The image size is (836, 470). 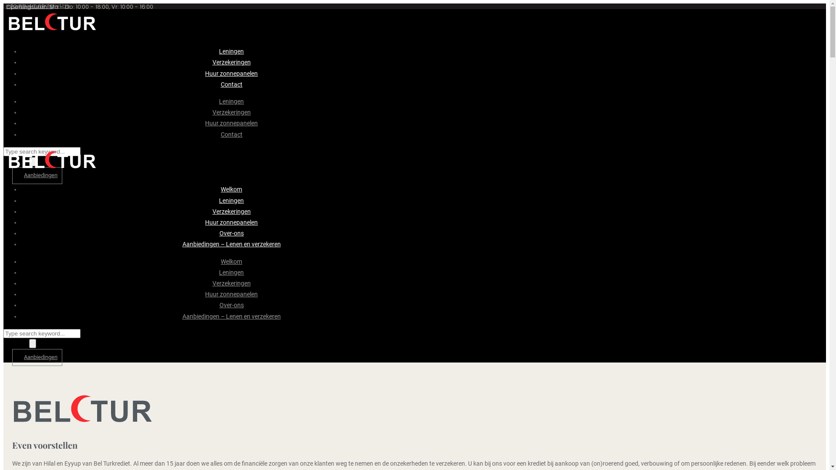 What do you see at coordinates (232, 233) in the screenshot?
I see `'Over-ons'` at bounding box center [232, 233].